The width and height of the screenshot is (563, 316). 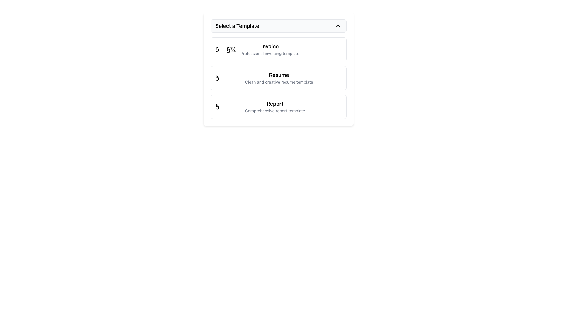 I want to click on the selectable list item labeled 'Invoice' located under the 'Select a Template' header, so click(x=257, y=49).